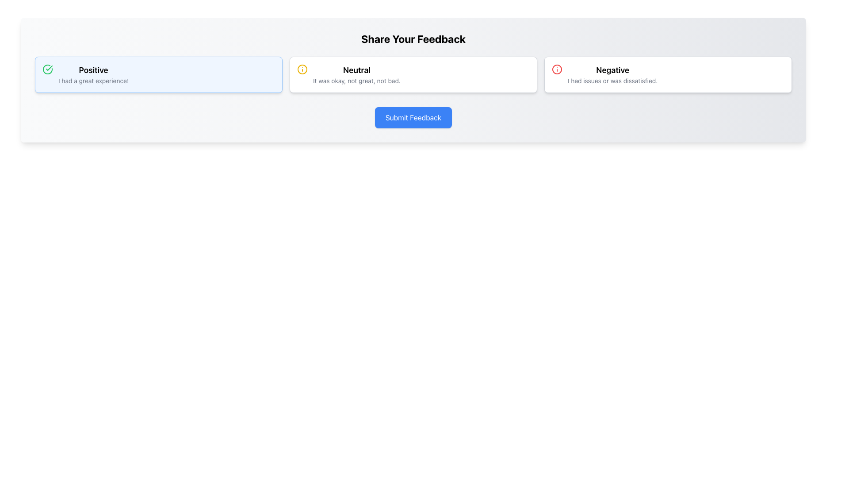 The image size is (849, 478). I want to click on the text group within the interactive card that displays 'Positive' and 'I had a great experience!', so click(93, 74).